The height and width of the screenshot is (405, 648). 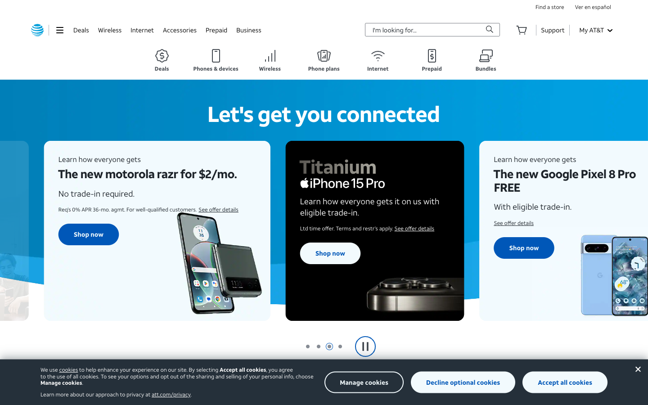 What do you see at coordinates (595, 29) in the screenshot?
I see `the second option available under My AT&T` at bounding box center [595, 29].